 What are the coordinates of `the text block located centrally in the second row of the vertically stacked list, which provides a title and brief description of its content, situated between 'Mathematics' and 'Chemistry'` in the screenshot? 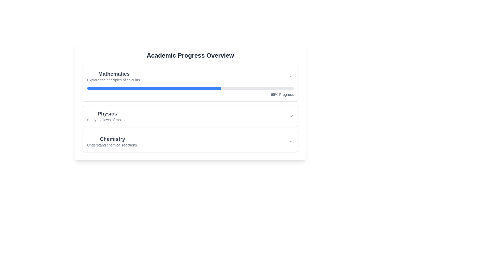 It's located at (107, 116).